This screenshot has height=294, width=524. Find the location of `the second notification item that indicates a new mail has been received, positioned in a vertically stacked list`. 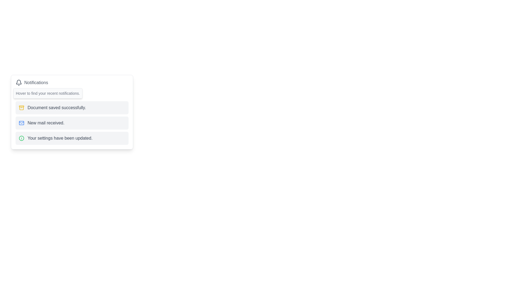

the second notification item that indicates a new mail has been received, positioned in a vertically stacked list is located at coordinates (72, 123).